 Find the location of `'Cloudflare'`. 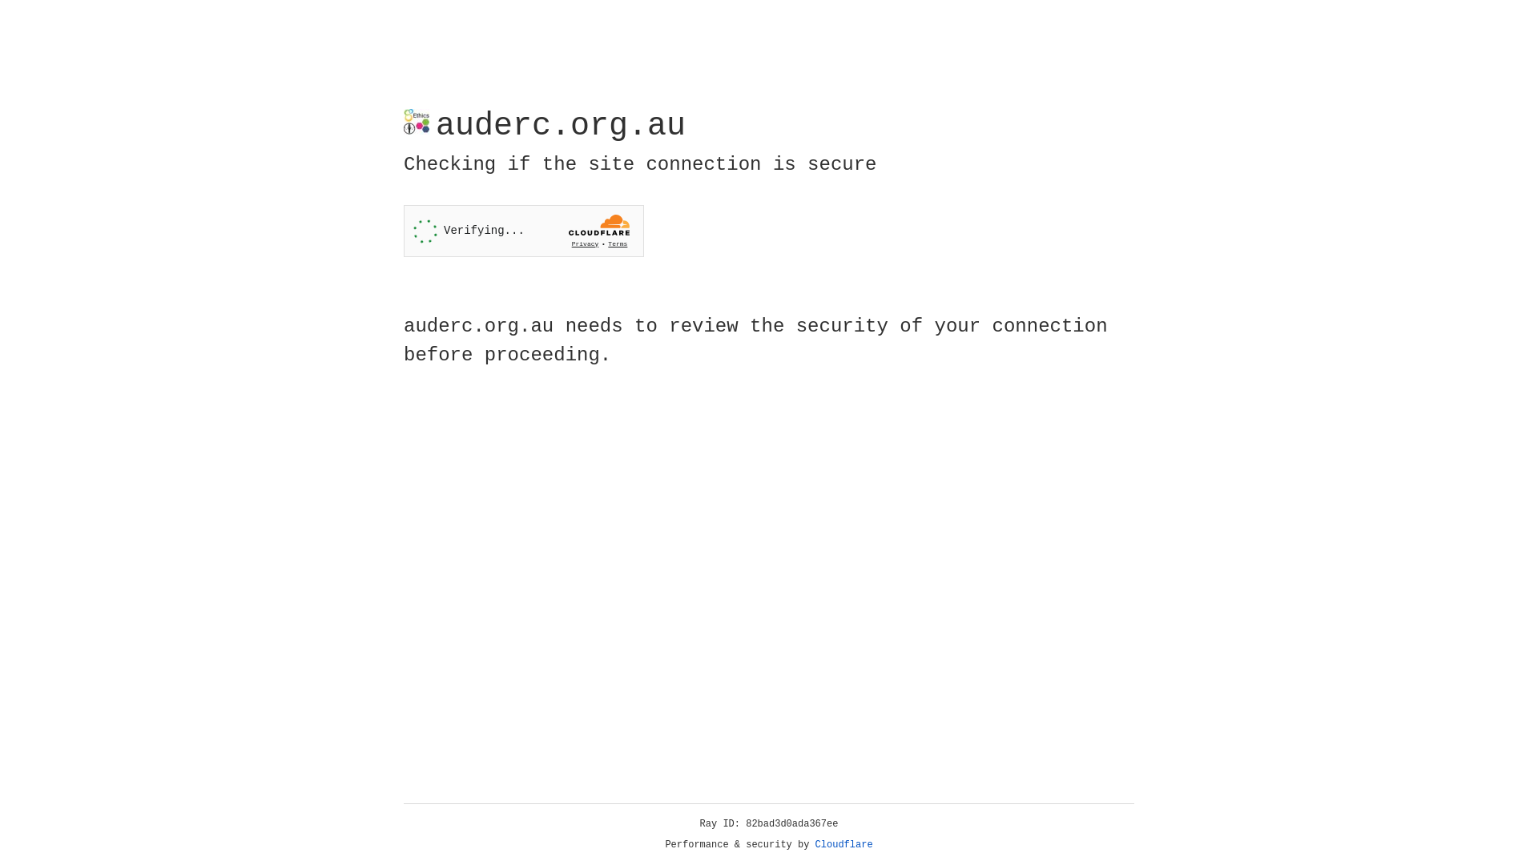

'Cloudflare' is located at coordinates (843, 844).